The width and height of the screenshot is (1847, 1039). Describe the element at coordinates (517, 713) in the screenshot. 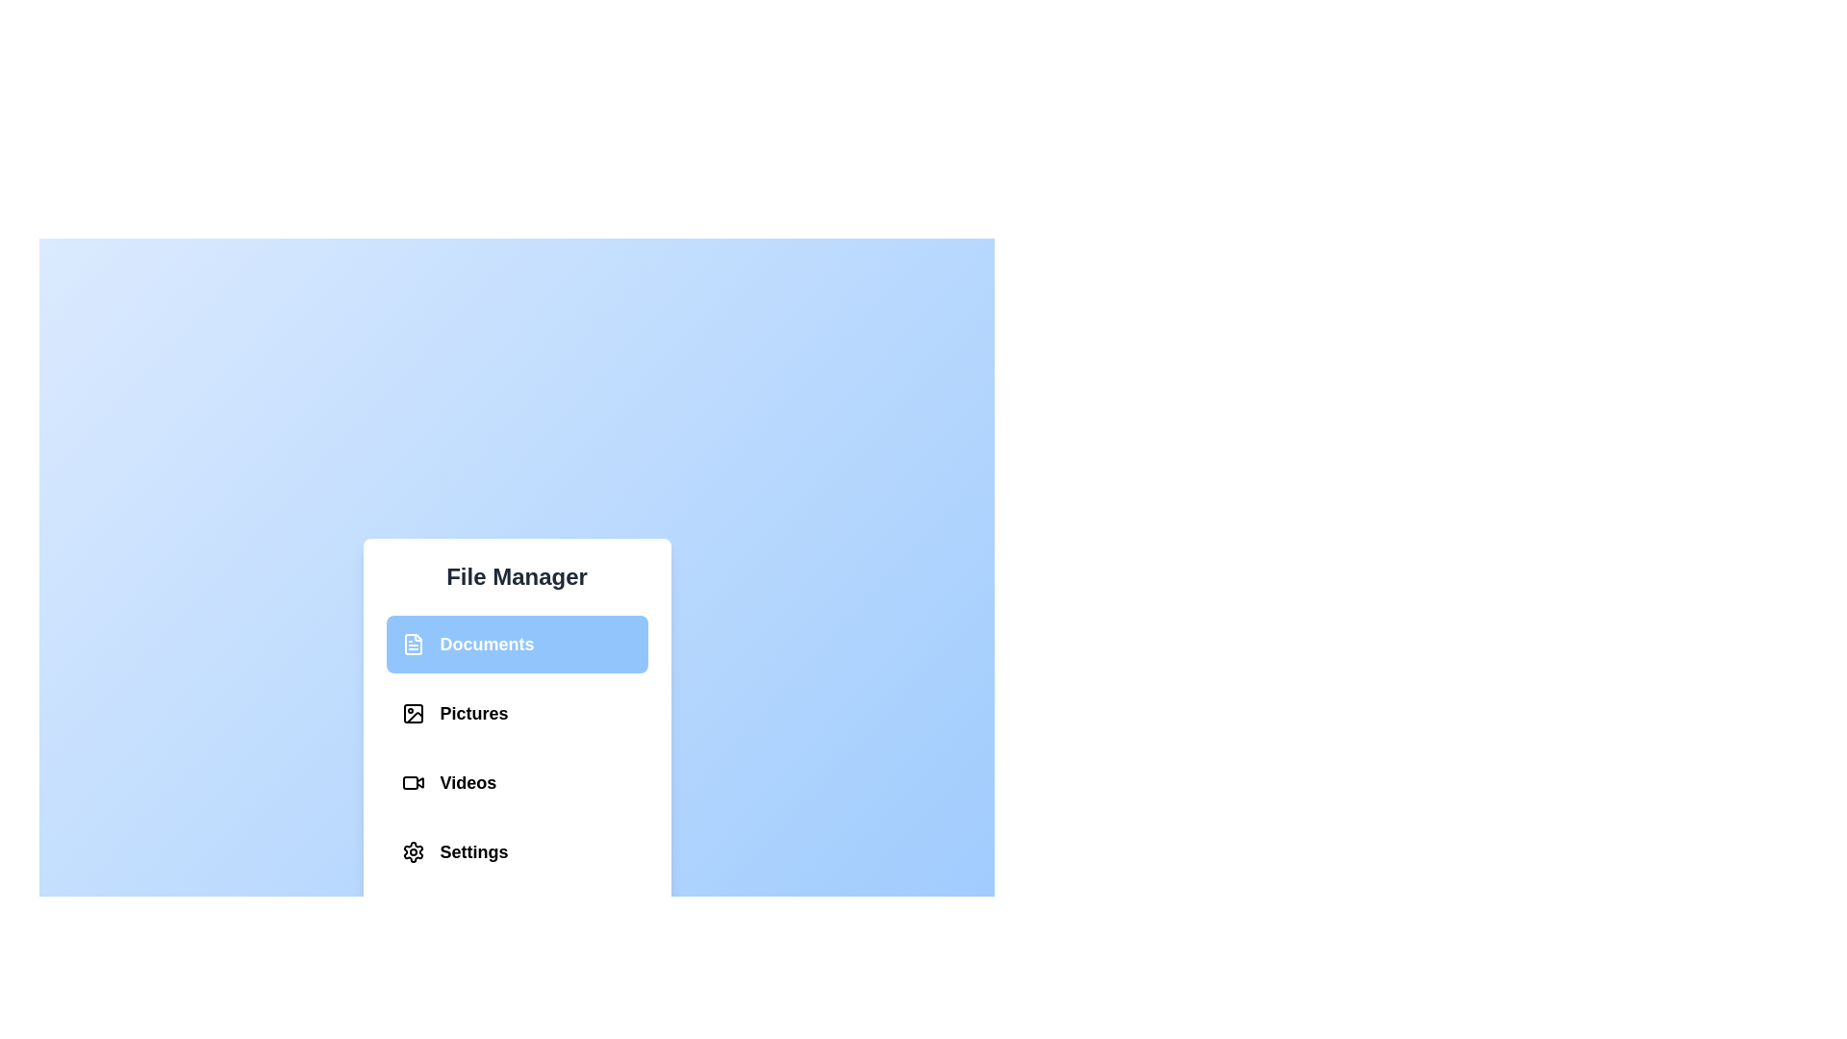

I see `the section Pictures from the list` at that location.